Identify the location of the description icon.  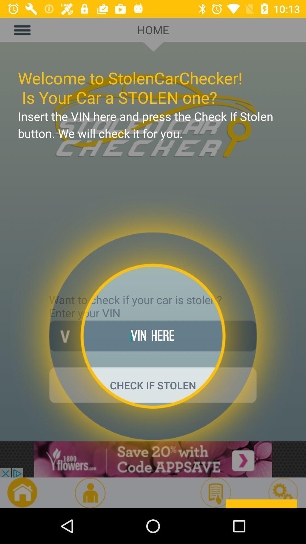
(216, 492).